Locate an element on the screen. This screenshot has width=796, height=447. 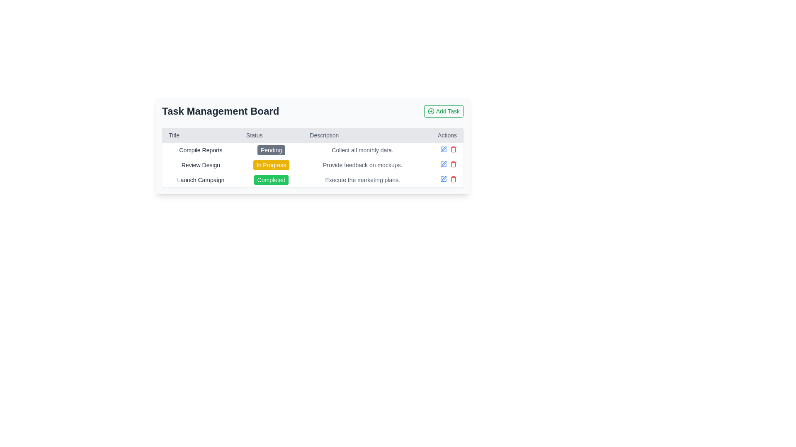
to select the first task entry row in the Task Management Board table, which displays the task's title, status, and description is located at coordinates (312, 150).